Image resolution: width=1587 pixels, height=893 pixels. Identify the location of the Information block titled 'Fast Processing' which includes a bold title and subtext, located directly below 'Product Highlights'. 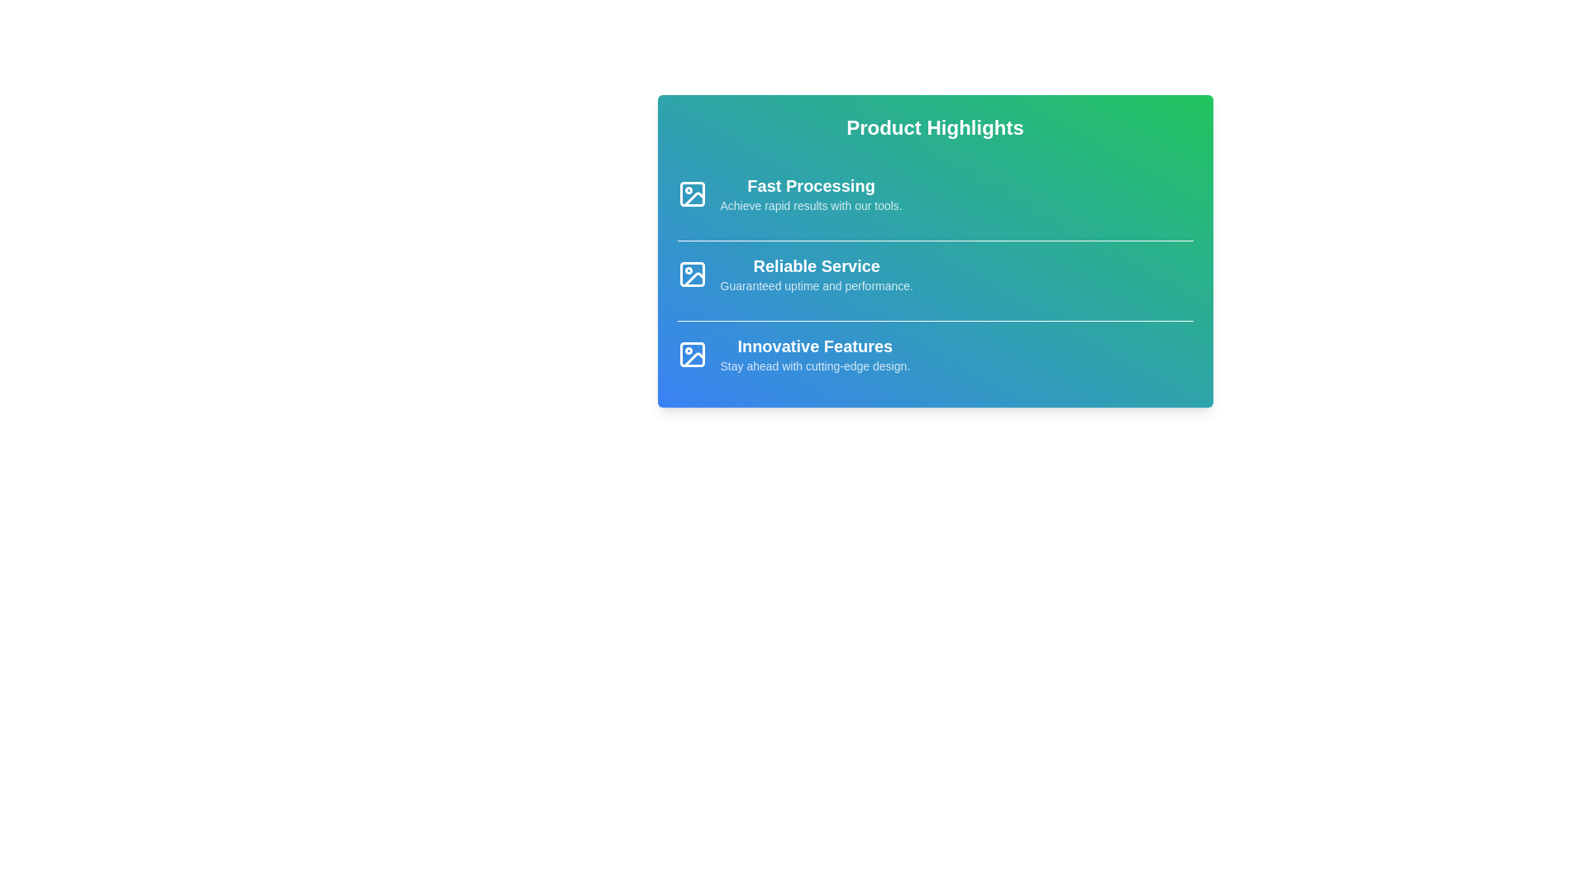
(935, 193).